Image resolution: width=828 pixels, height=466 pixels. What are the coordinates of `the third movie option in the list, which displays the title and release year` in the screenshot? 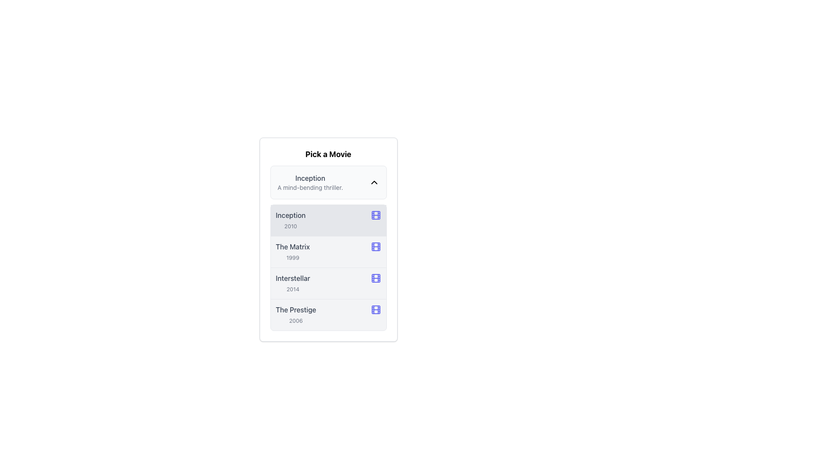 It's located at (328, 283).